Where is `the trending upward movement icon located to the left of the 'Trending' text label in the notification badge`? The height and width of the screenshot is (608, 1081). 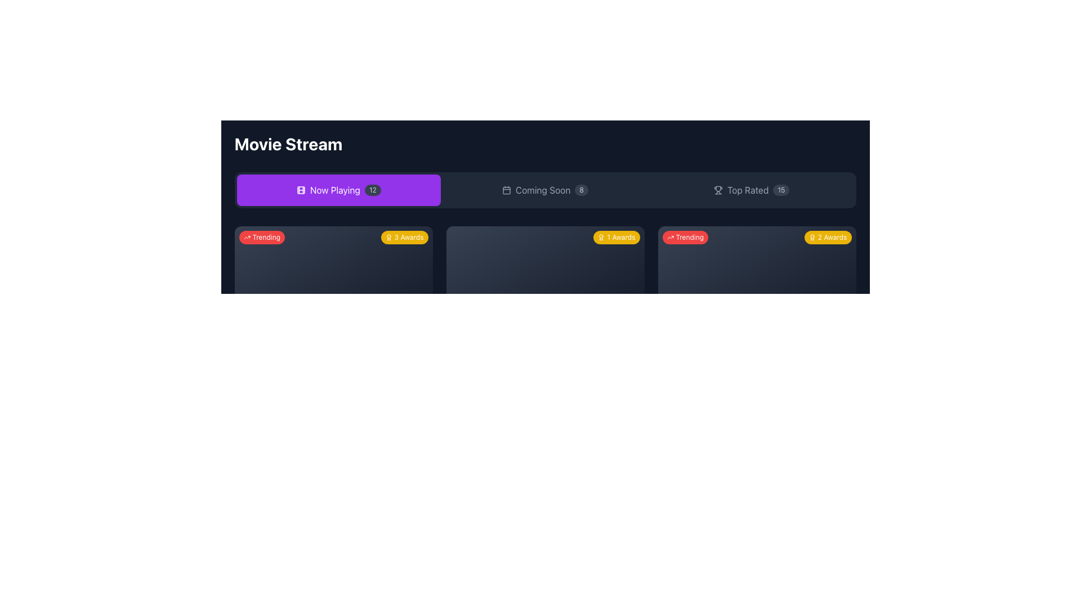
the trending upward movement icon located to the left of the 'Trending' text label in the notification badge is located at coordinates (246, 236).